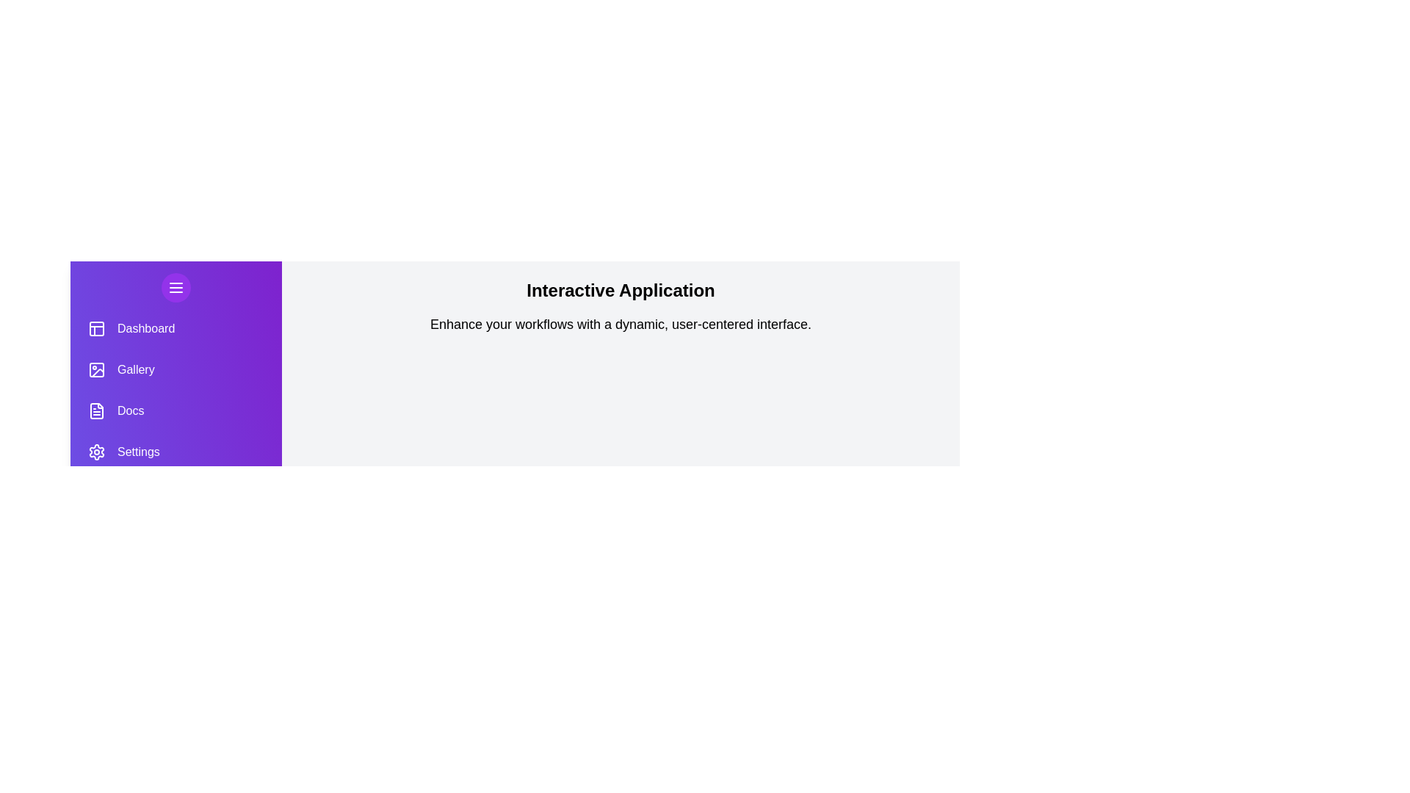 The width and height of the screenshot is (1410, 793). What do you see at coordinates (176, 410) in the screenshot?
I see `the Docs menu item to navigate to the respective section` at bounding box center [176, 410].